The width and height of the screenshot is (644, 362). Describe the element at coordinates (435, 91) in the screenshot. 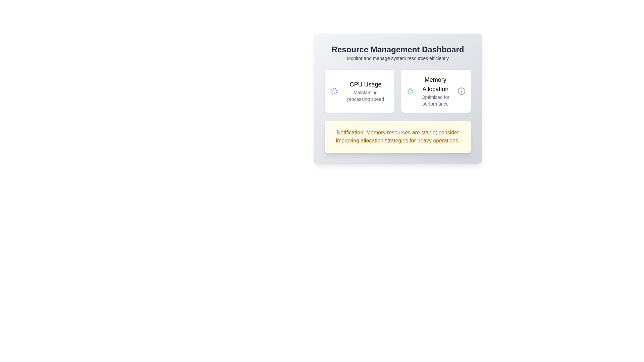

I see `the 'Memory Allocation' informational text element within the Resource Management Dashboard, which features two lines of text with the first line in a larger bold font and the second line in a smaller lighter font, all contained in a white card with rounded corners` at that location.